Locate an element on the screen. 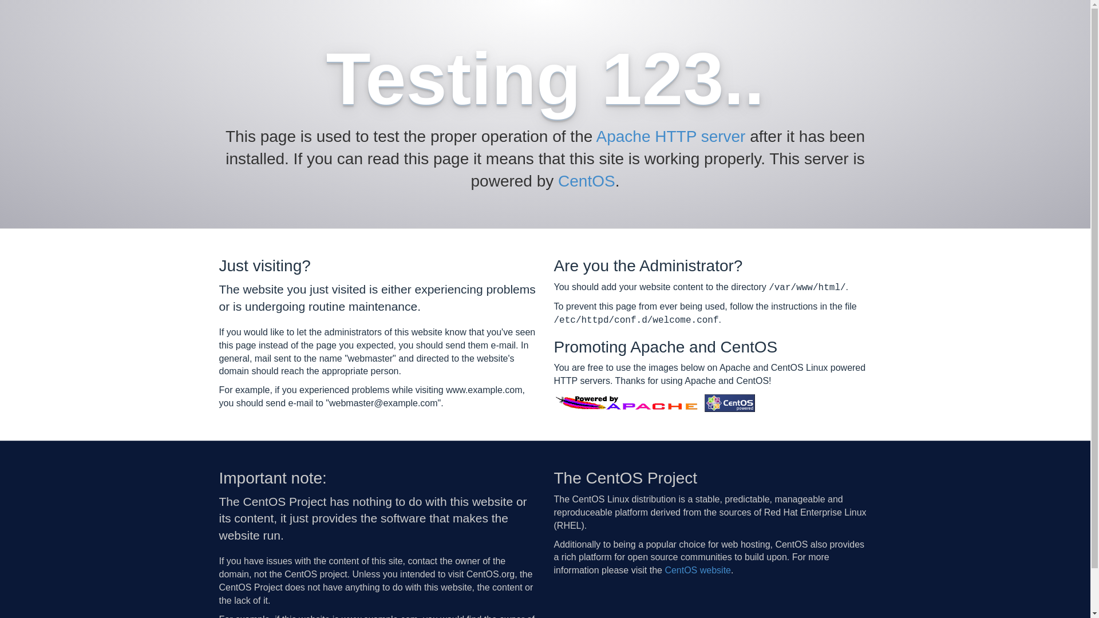  'Apache HTTP server' is located at coordinates (595, 136).